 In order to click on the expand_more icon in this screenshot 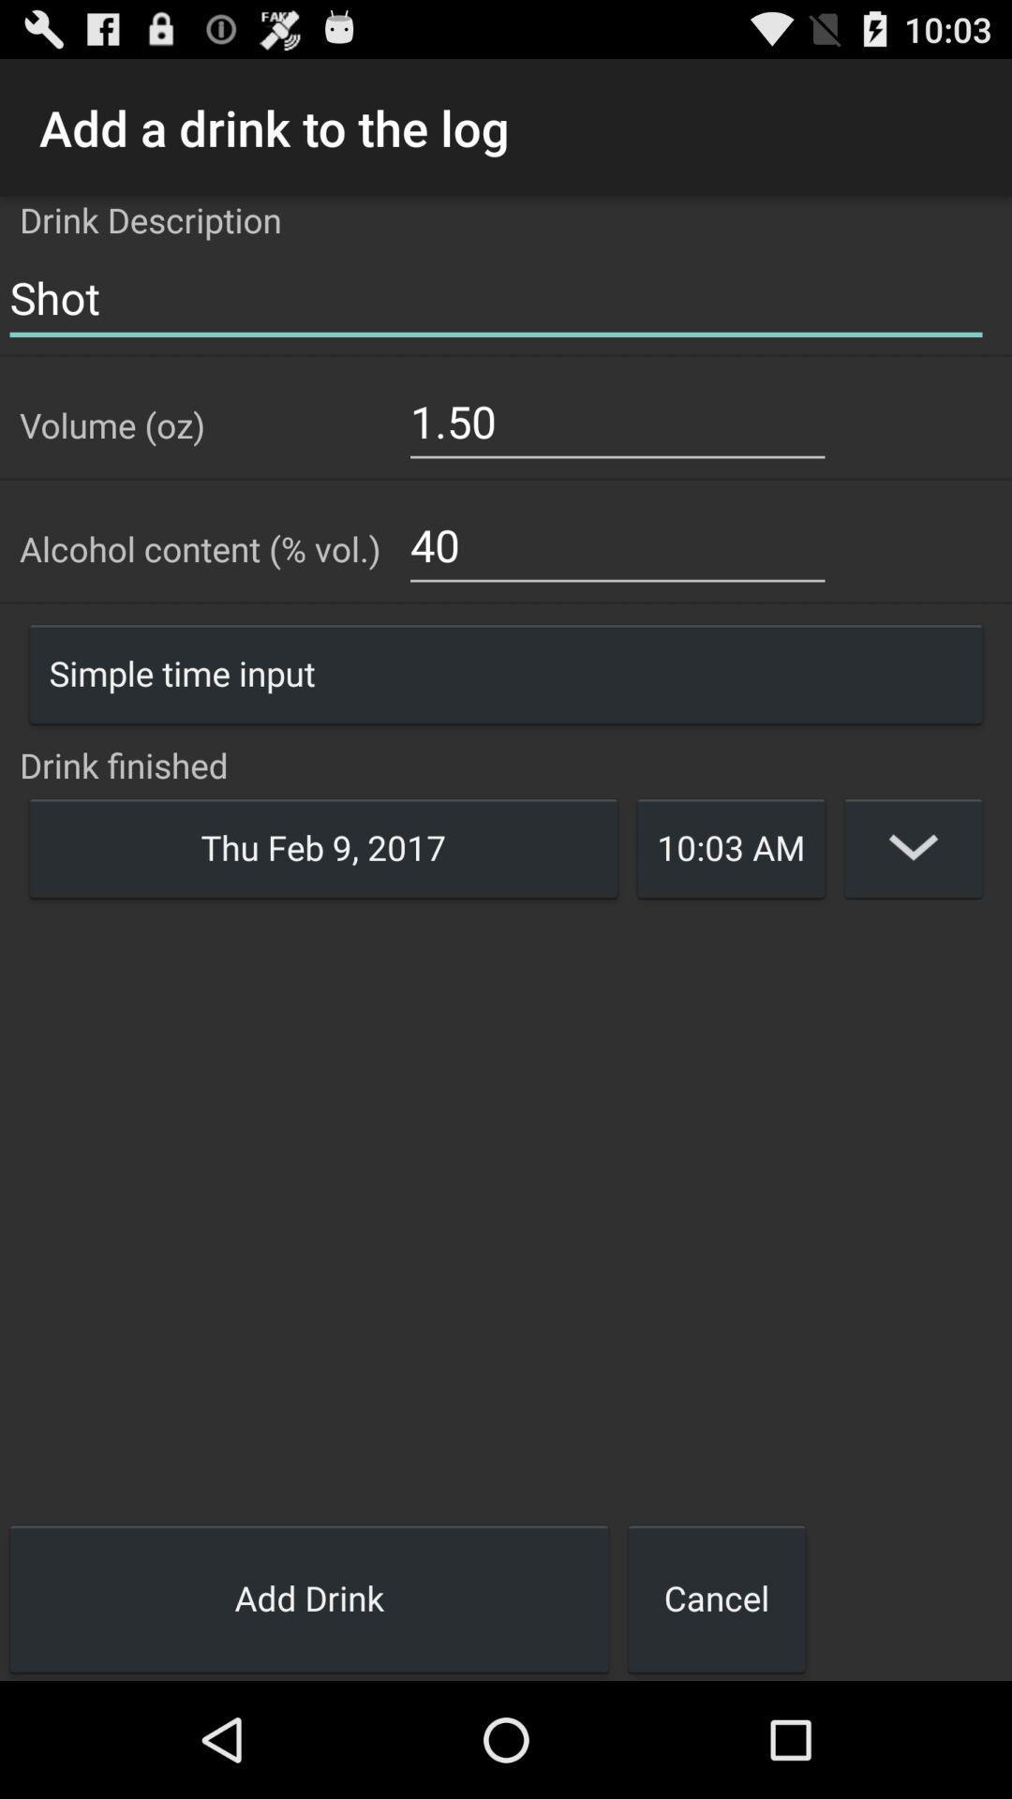, I will do `click(913, 907)`.